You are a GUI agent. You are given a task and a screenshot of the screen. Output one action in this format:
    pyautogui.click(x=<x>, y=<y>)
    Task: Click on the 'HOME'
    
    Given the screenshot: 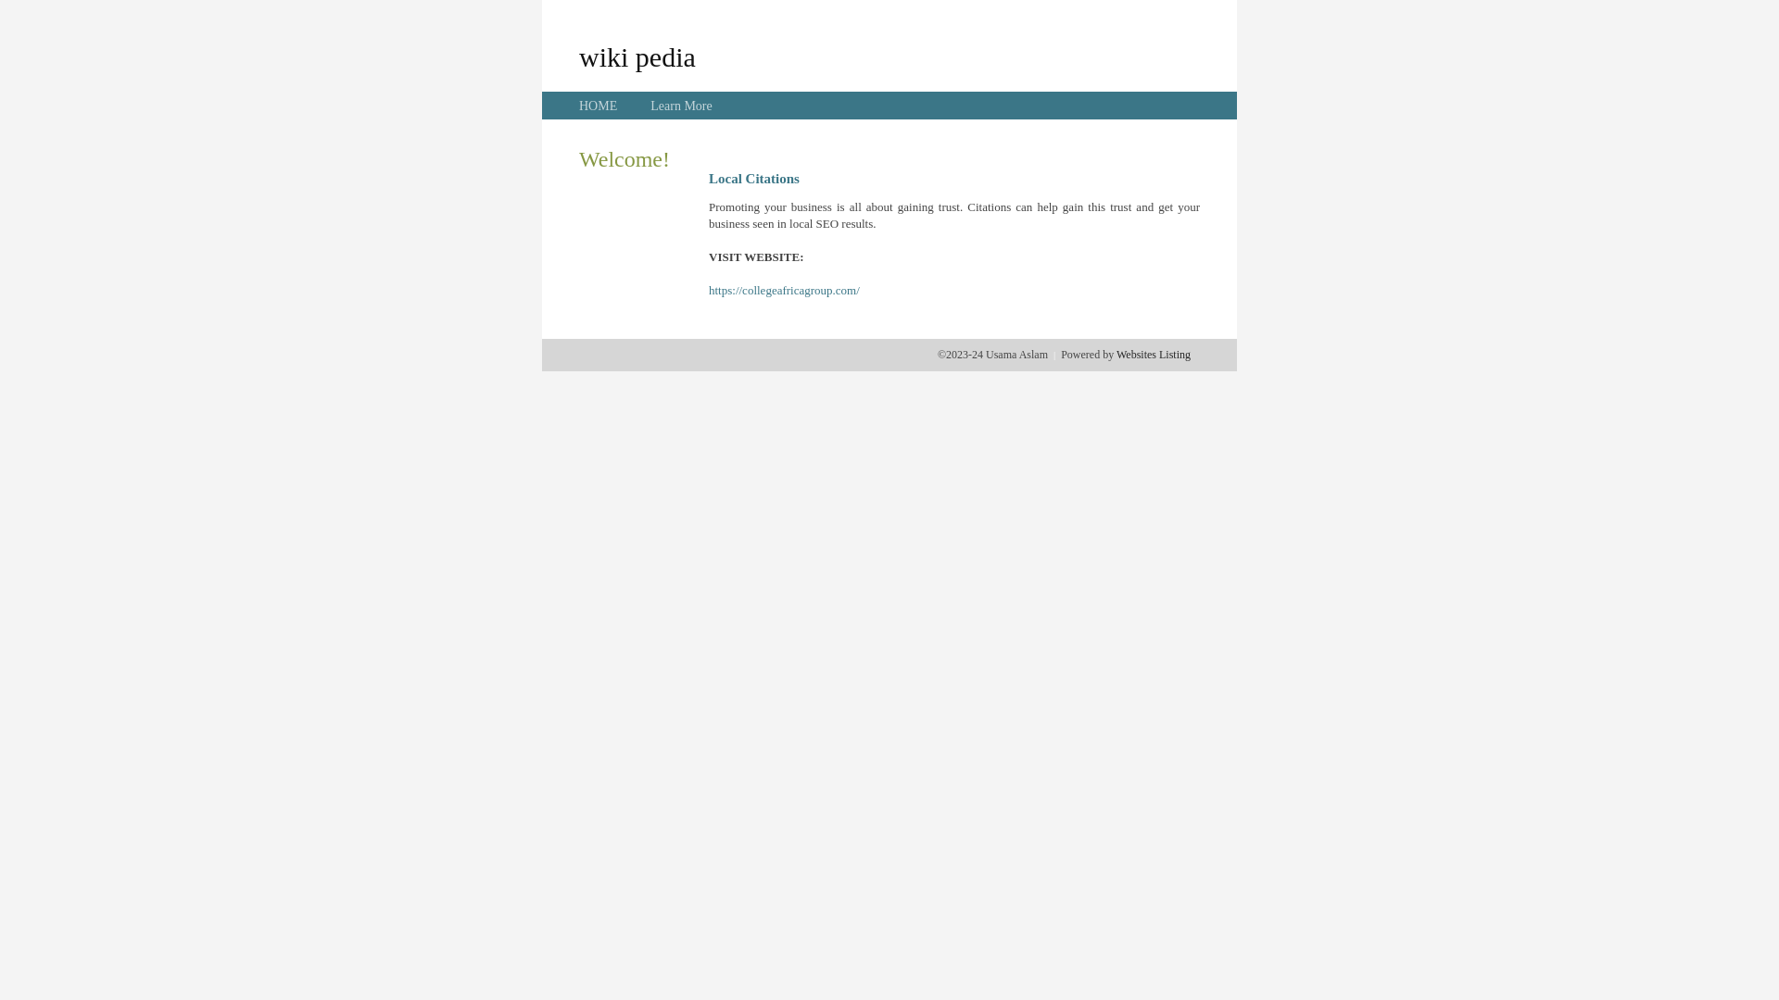 What is the action you would take?
    pyautogui.click(x=577, y=106)
    